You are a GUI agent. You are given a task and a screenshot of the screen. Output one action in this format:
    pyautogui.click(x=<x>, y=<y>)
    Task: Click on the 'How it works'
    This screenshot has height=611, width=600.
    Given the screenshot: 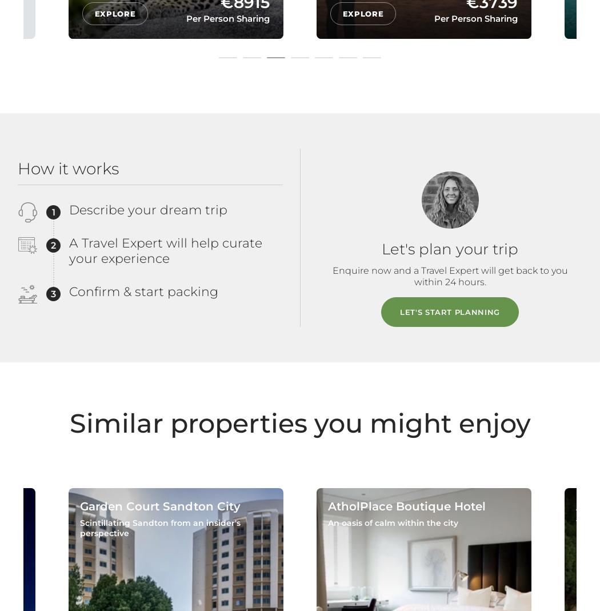 What is the action you would take?
    pyautogui.click(x=67, y=168)
    